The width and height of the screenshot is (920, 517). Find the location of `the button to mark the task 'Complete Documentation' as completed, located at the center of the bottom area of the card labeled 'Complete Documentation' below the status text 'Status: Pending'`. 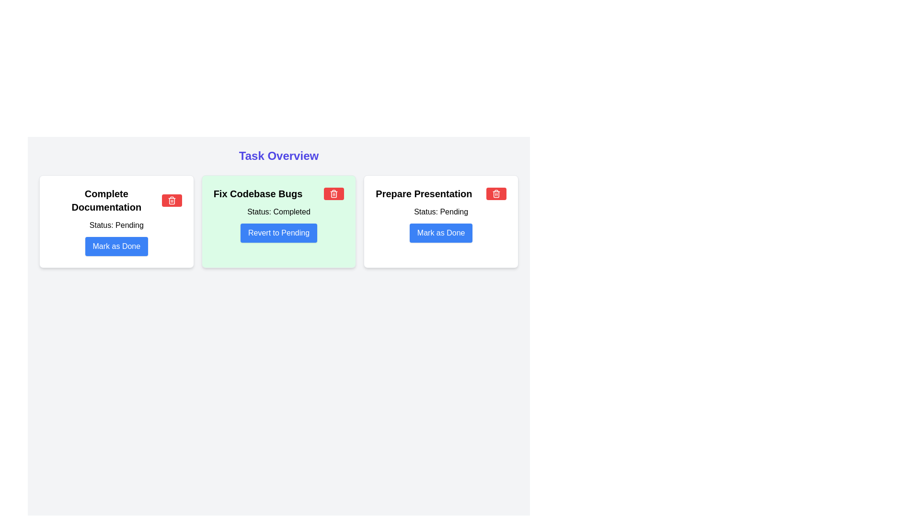

the button to mark the task 'Complete Documentation' as completed, located at the center of the bottom area of the card labeled 'Complete Documentation' below the status text 'Status: Pending' is located at coordinates (116, 246).